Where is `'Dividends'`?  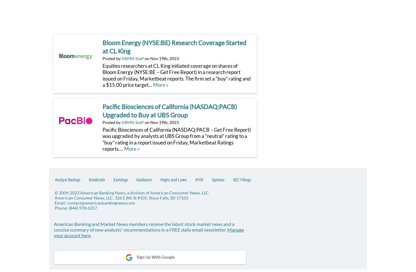
'Dividends' is located at coordinates (97, 179).